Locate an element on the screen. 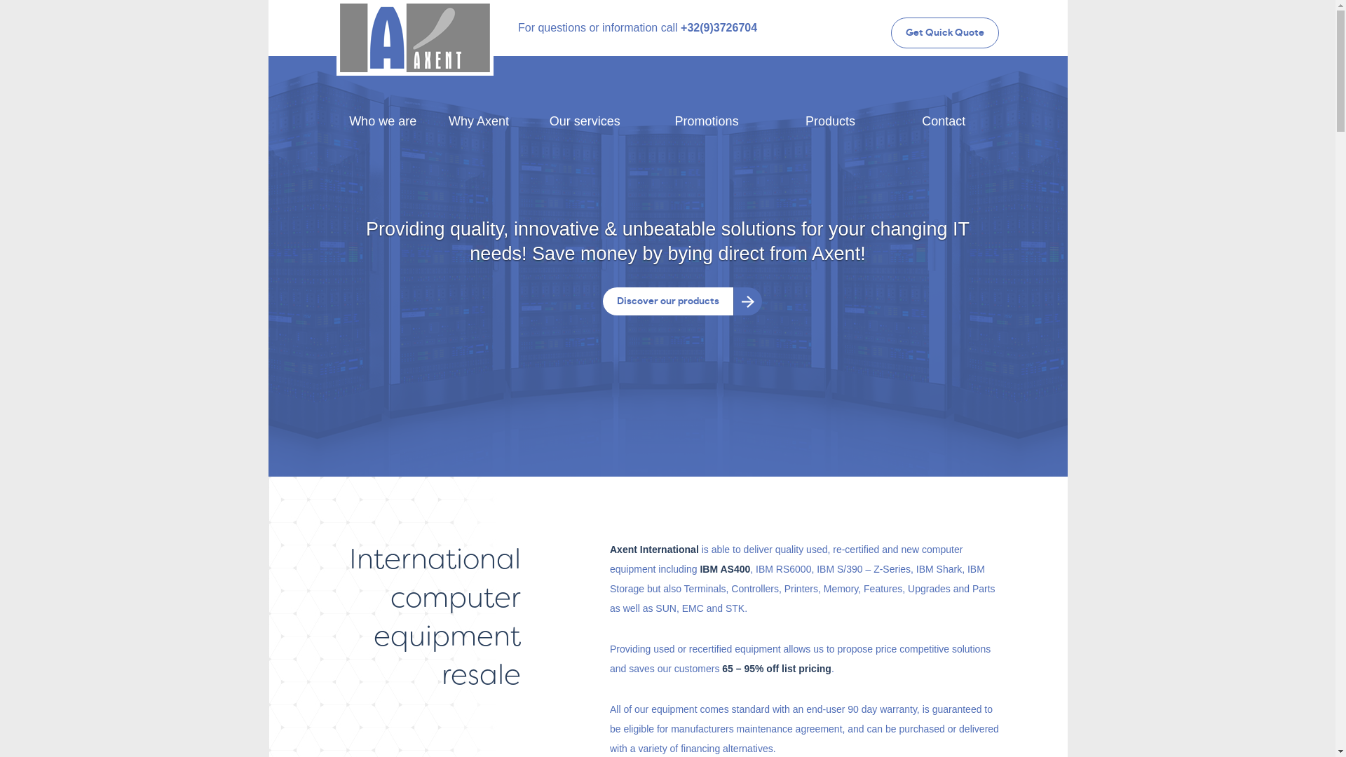 The width and height of the screenshot is (1346, 757). 'Promotions' is located at coordinates (641, 121).